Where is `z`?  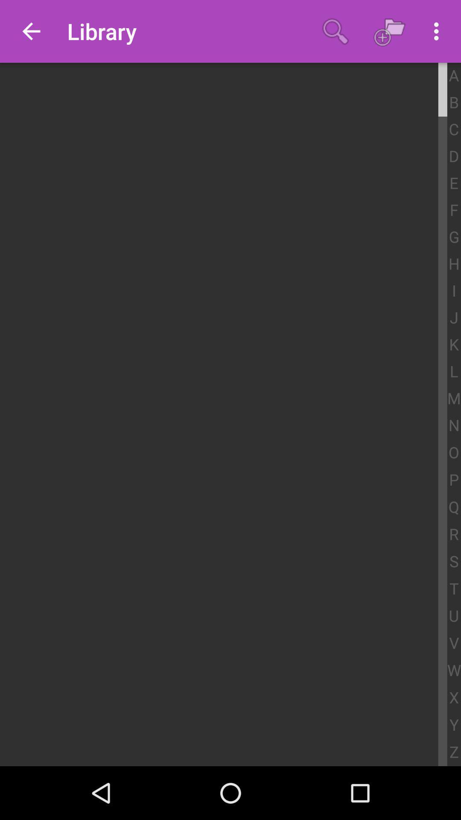 z is located at coordinates (453, 753).